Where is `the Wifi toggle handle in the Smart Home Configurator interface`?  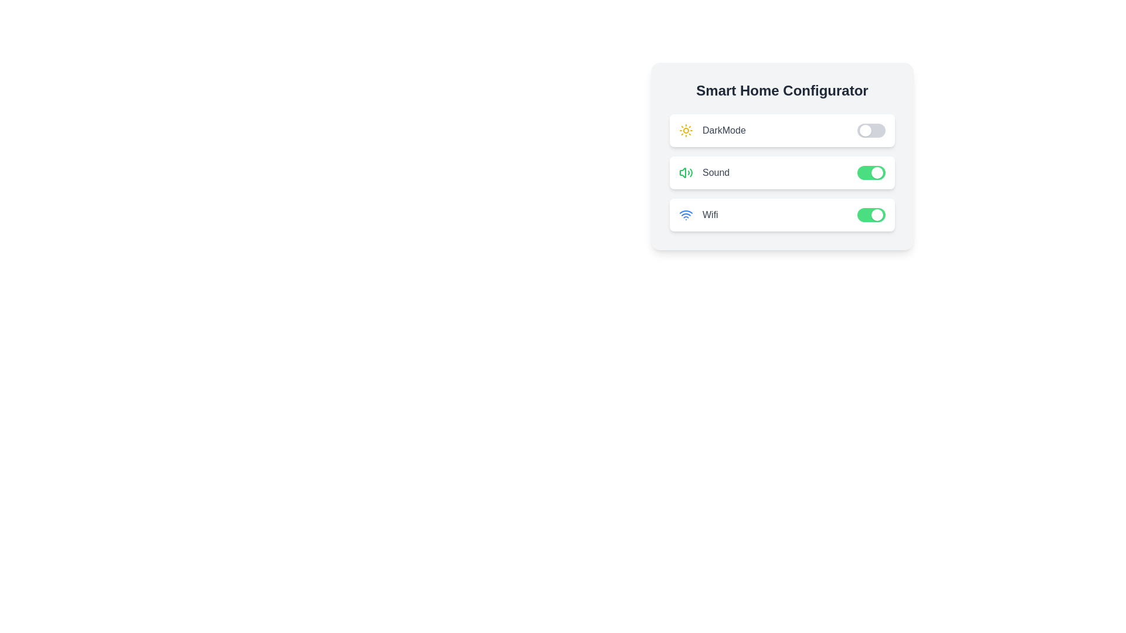 the Wifi toggle handle in the Smart Home Configurator interface is located at coordinates (877, 215).